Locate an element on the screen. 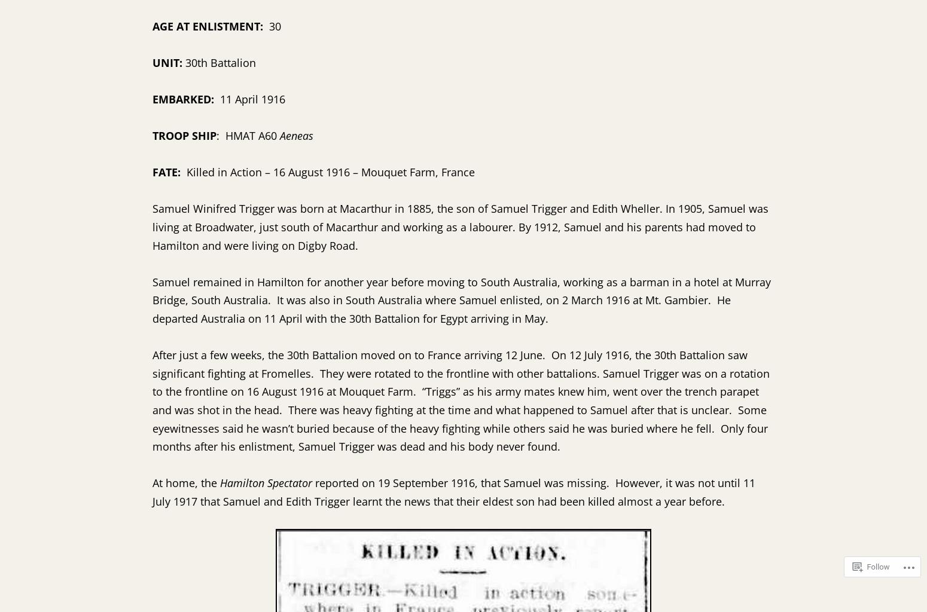  'Samuel Winifred Trigger was born at Macarthur in 1885, the son of Samuel Trigger and Edith Wheller. In 1905, Samuel was living at Broadwater, just south of Macarthur and working as a labourer. By 1912, Samuel and his parents had moved to Hamilton and were living on Digby Road.' is located at coordinates (461, 227).